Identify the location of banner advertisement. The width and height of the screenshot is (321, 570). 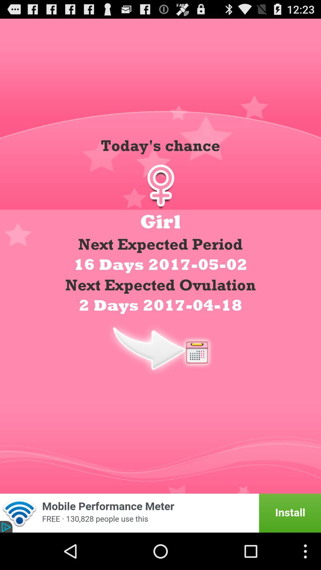
(160, 513).